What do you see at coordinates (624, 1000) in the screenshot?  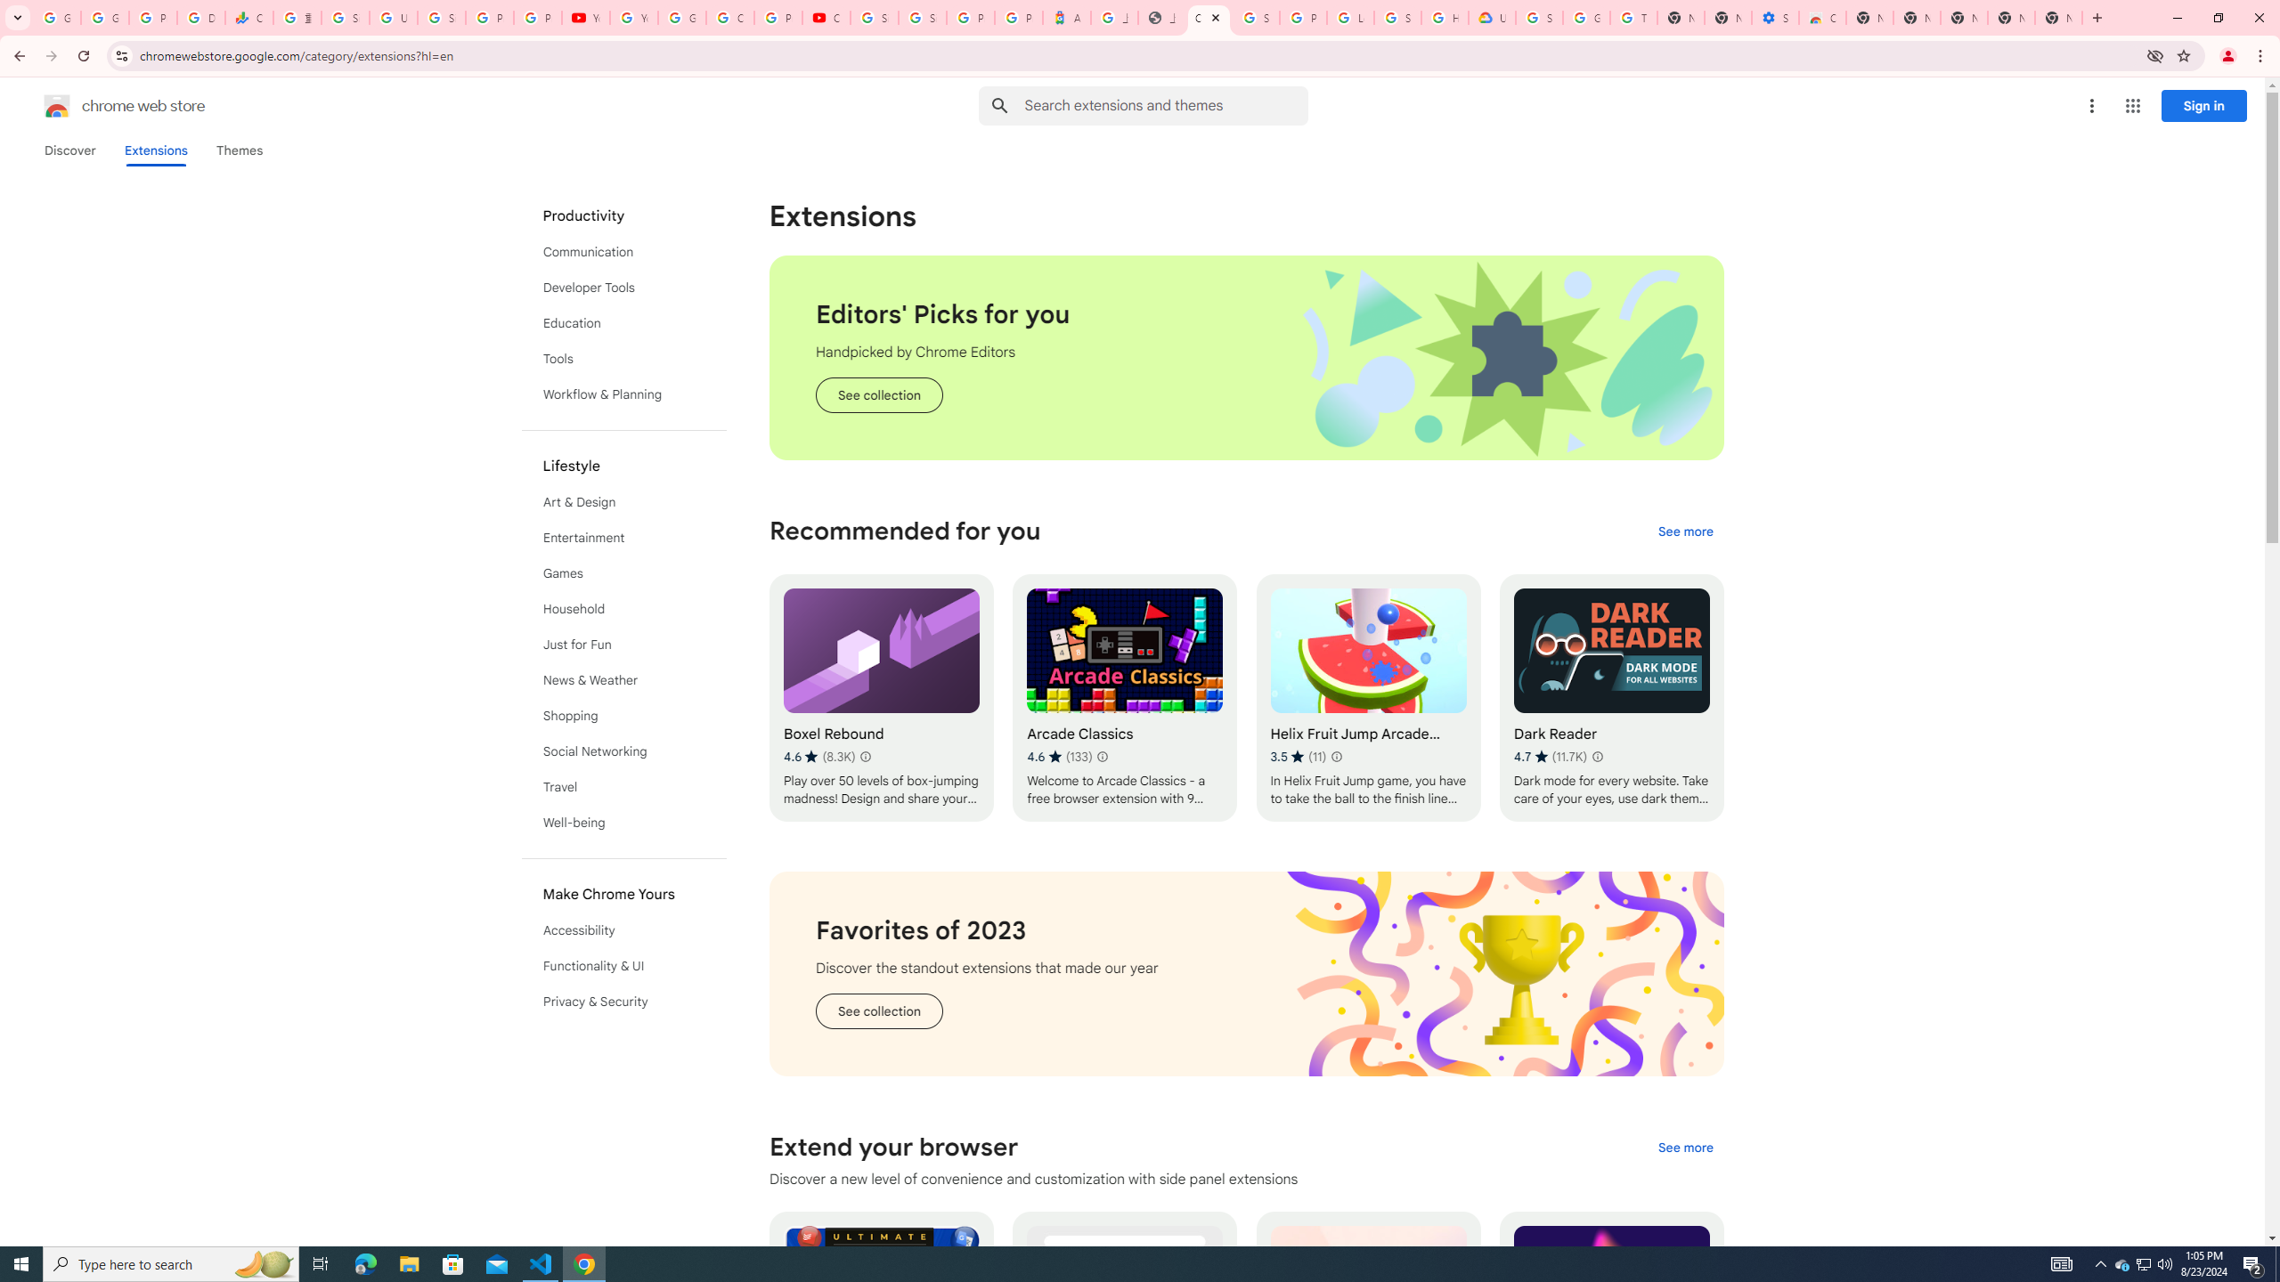 I see `'Privacy & Security'` at bounding box center [624, 1000].